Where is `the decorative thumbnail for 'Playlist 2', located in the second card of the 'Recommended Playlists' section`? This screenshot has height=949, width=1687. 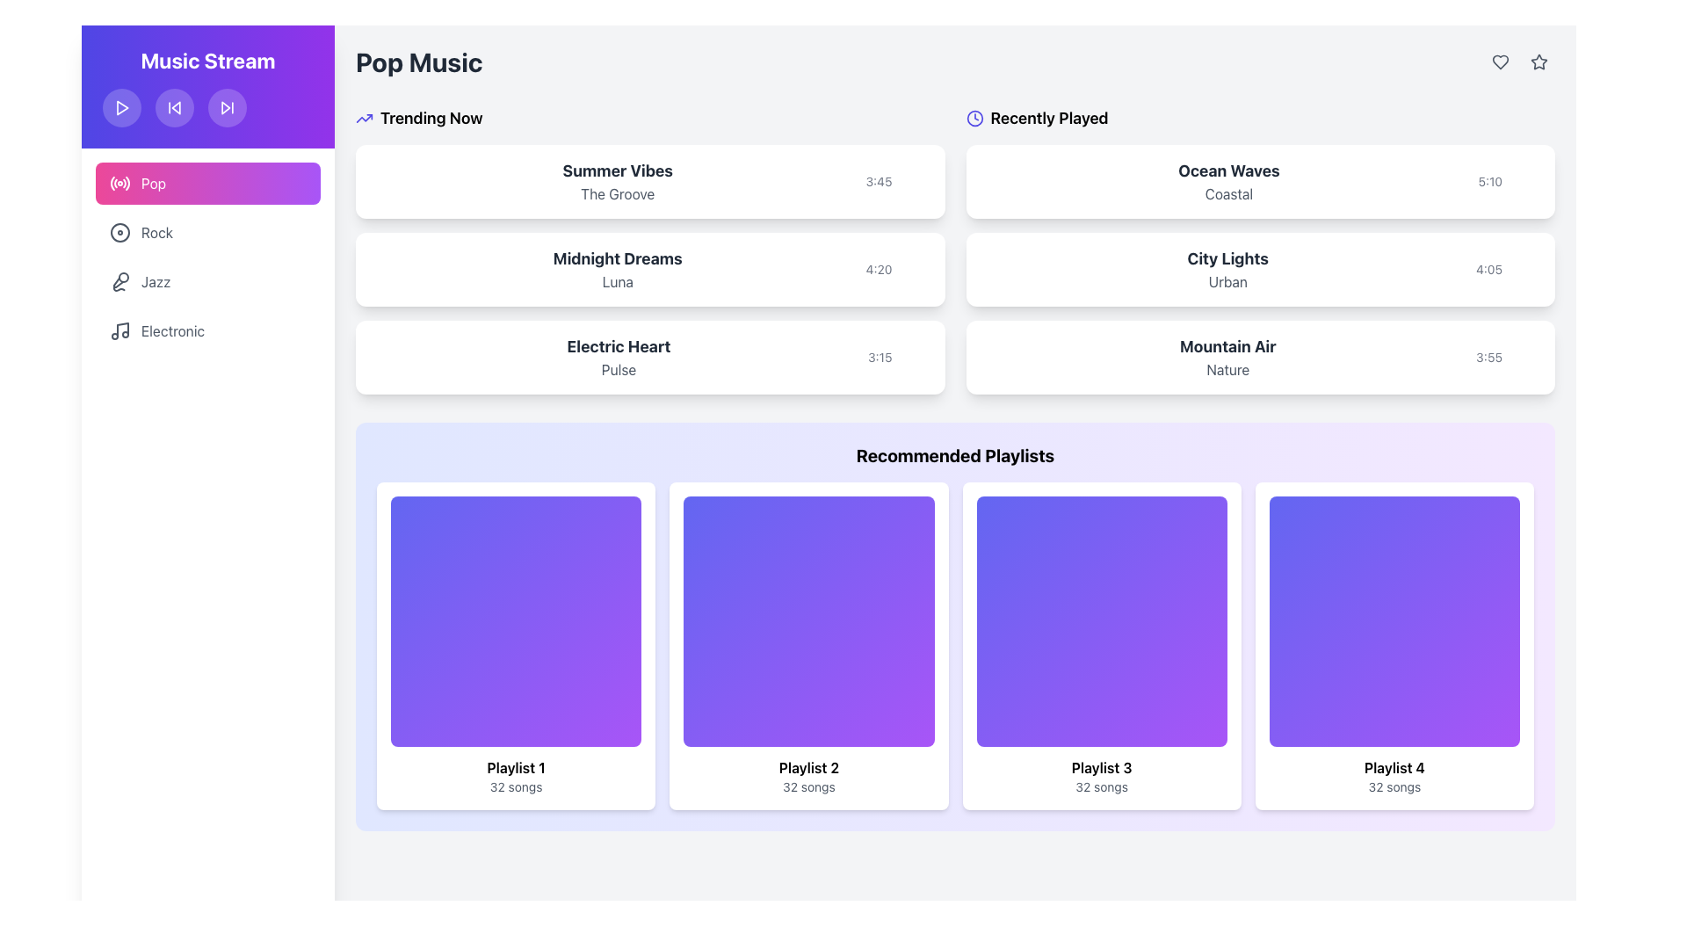 the decorative thumbnail for 'Playlist 2', located in the second card of the 'Recommended Playlists' section is located at coordinates (807, 620).